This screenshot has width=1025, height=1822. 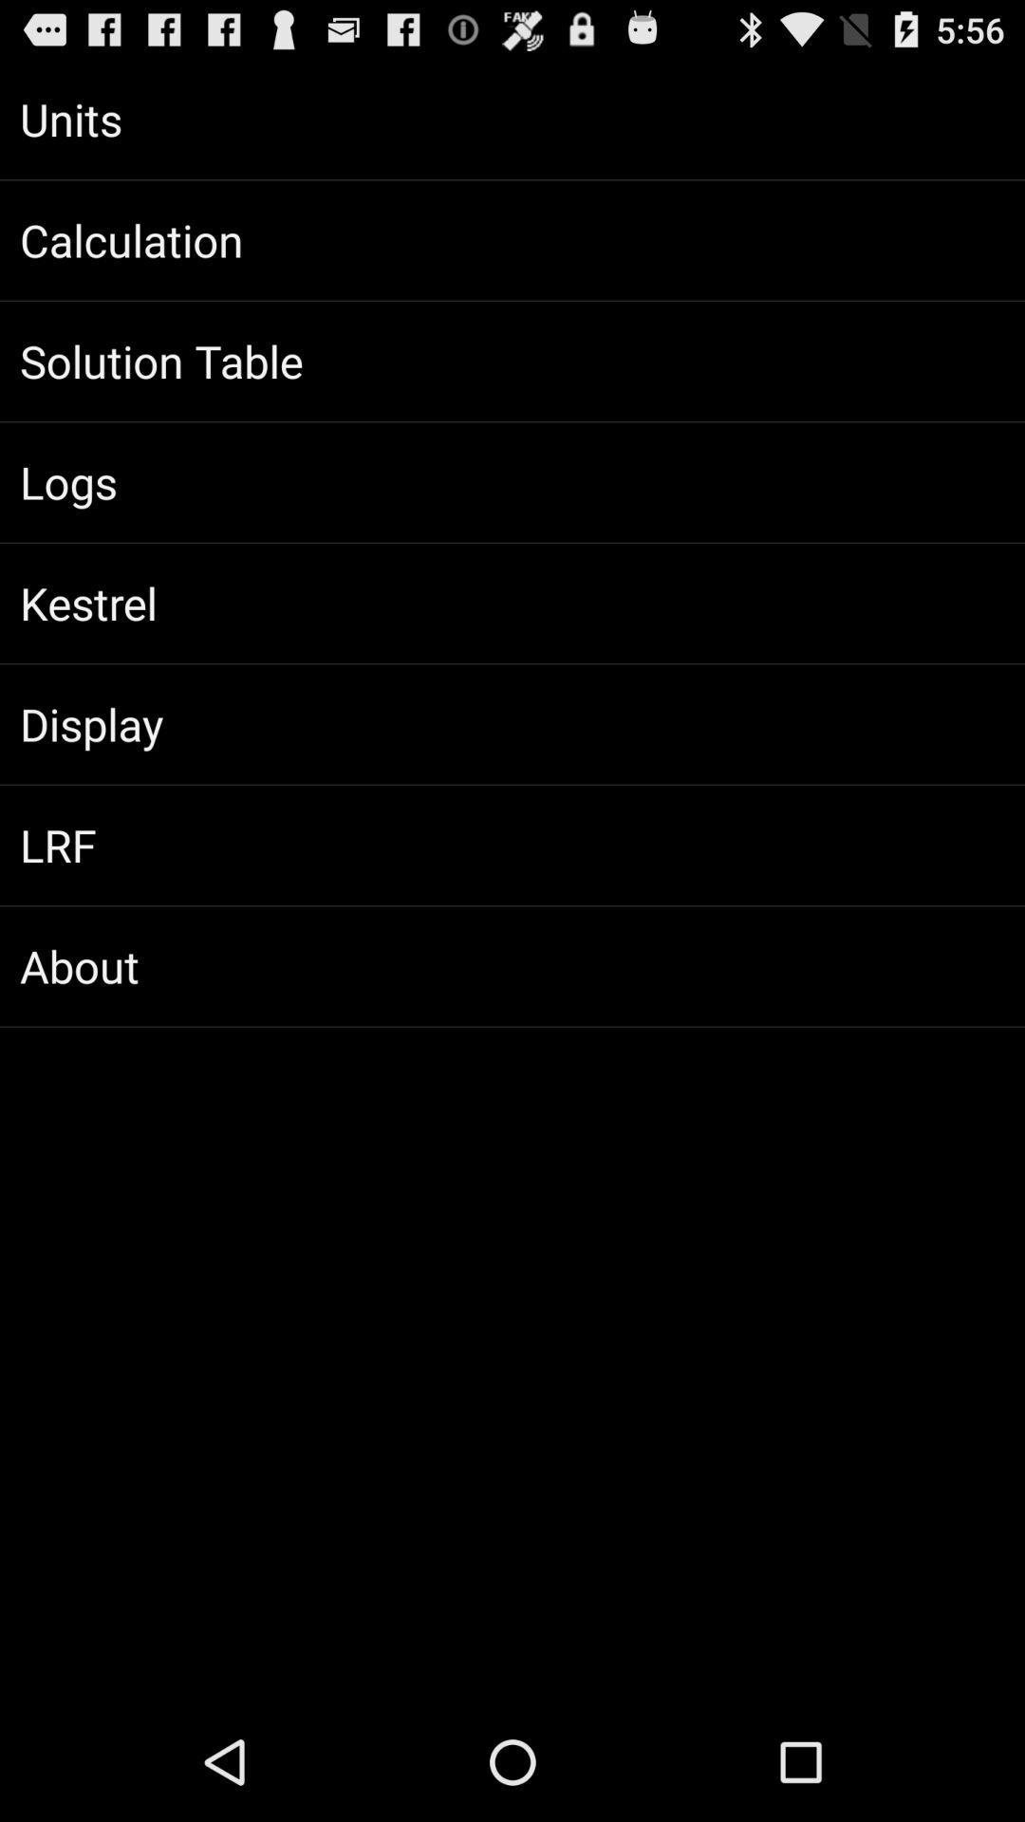 I want to click on the logs icon, so click(x=512, y=482).